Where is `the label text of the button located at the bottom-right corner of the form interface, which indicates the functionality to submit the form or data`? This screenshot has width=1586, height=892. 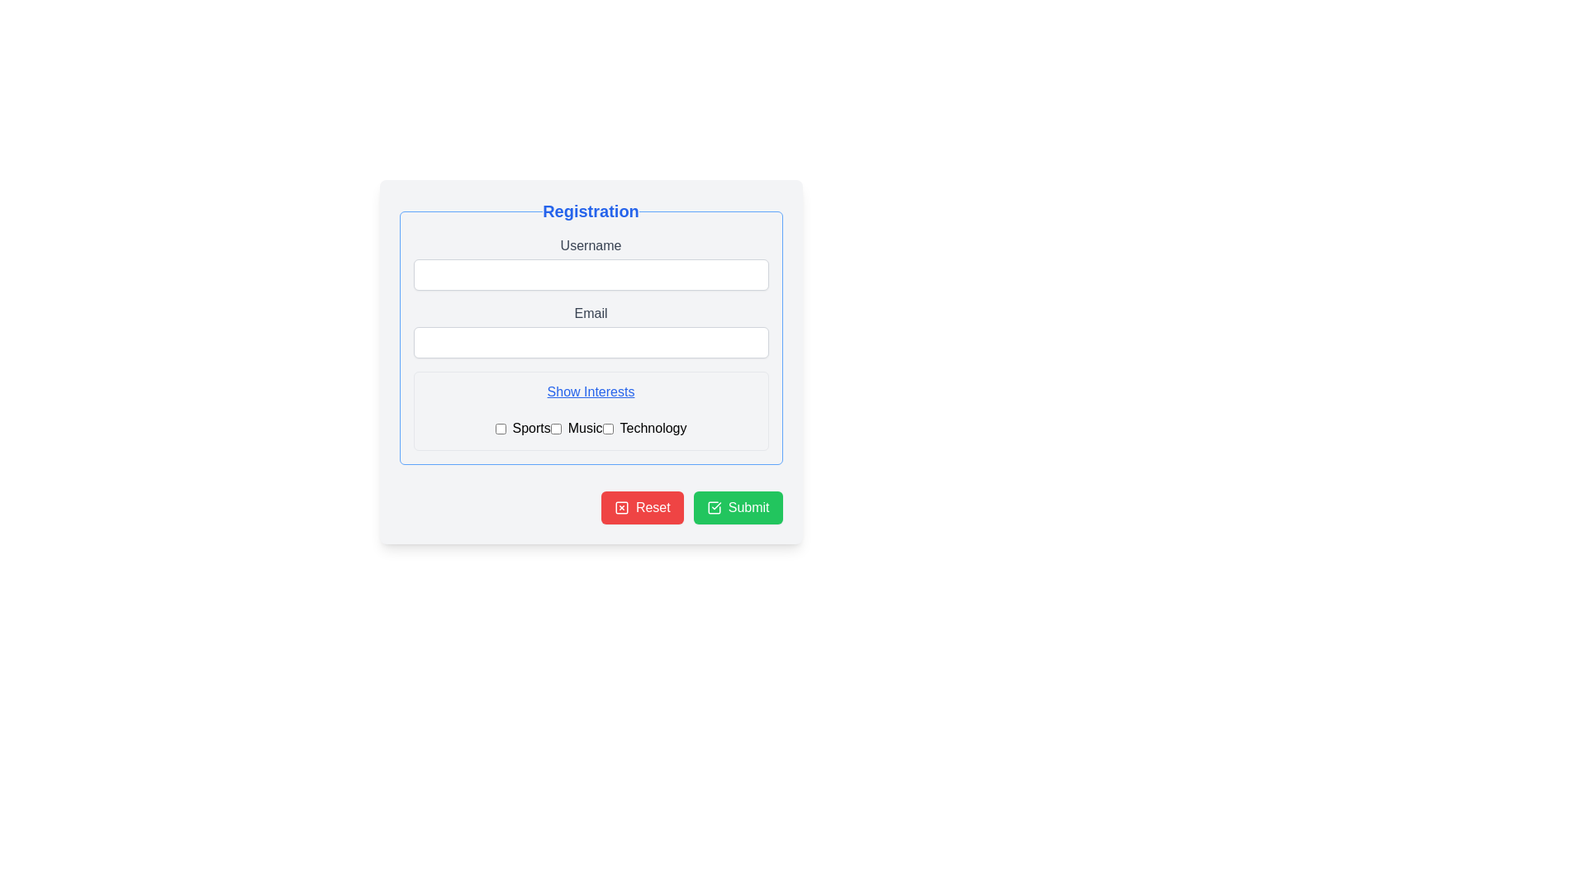 the label text of the button located at the bottom-right corner of the form interface, which indicates the functionality to submit the form or data is located at coordinates (748, 506).